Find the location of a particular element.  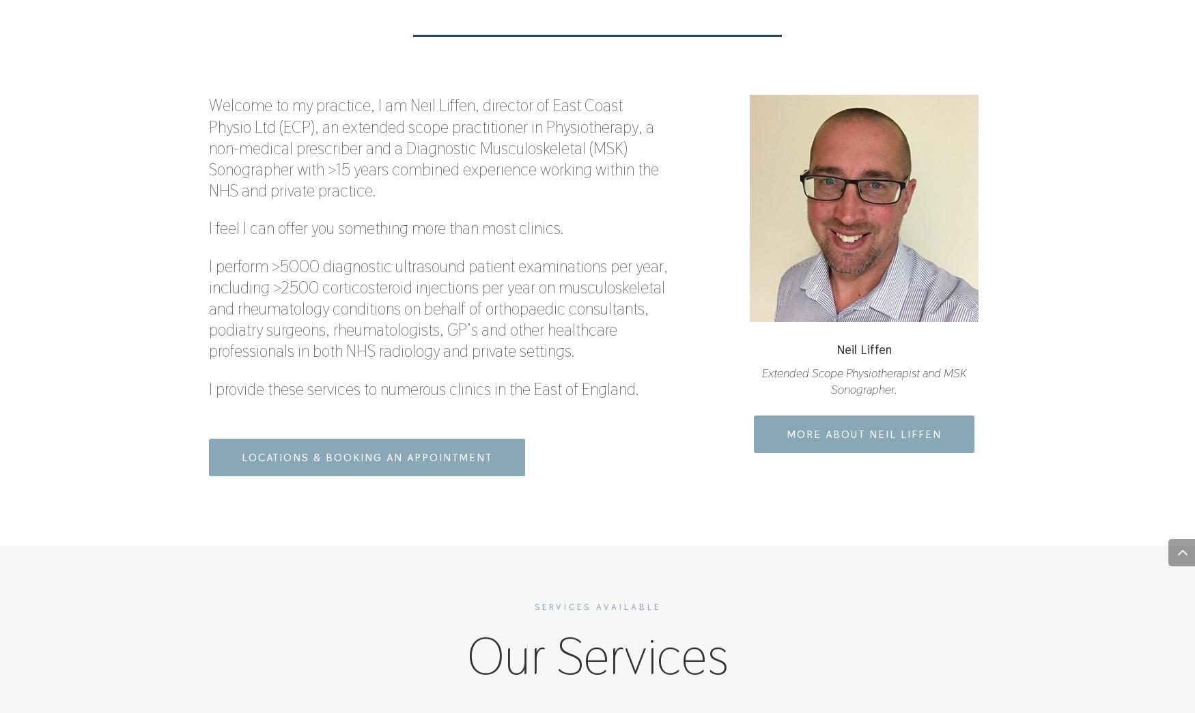

'locations & booking an appointment' is located at coordinates (242, 456).